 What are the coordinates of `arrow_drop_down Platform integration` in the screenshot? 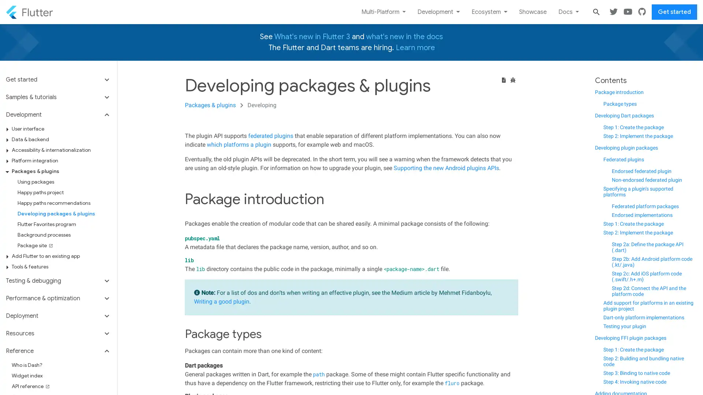 It's located at (61, 160).